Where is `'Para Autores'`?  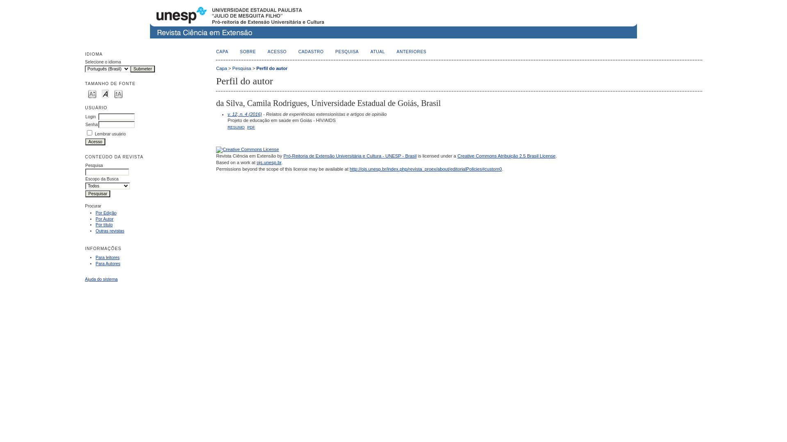
'Para Autores' is located at coordinates (96, 264).